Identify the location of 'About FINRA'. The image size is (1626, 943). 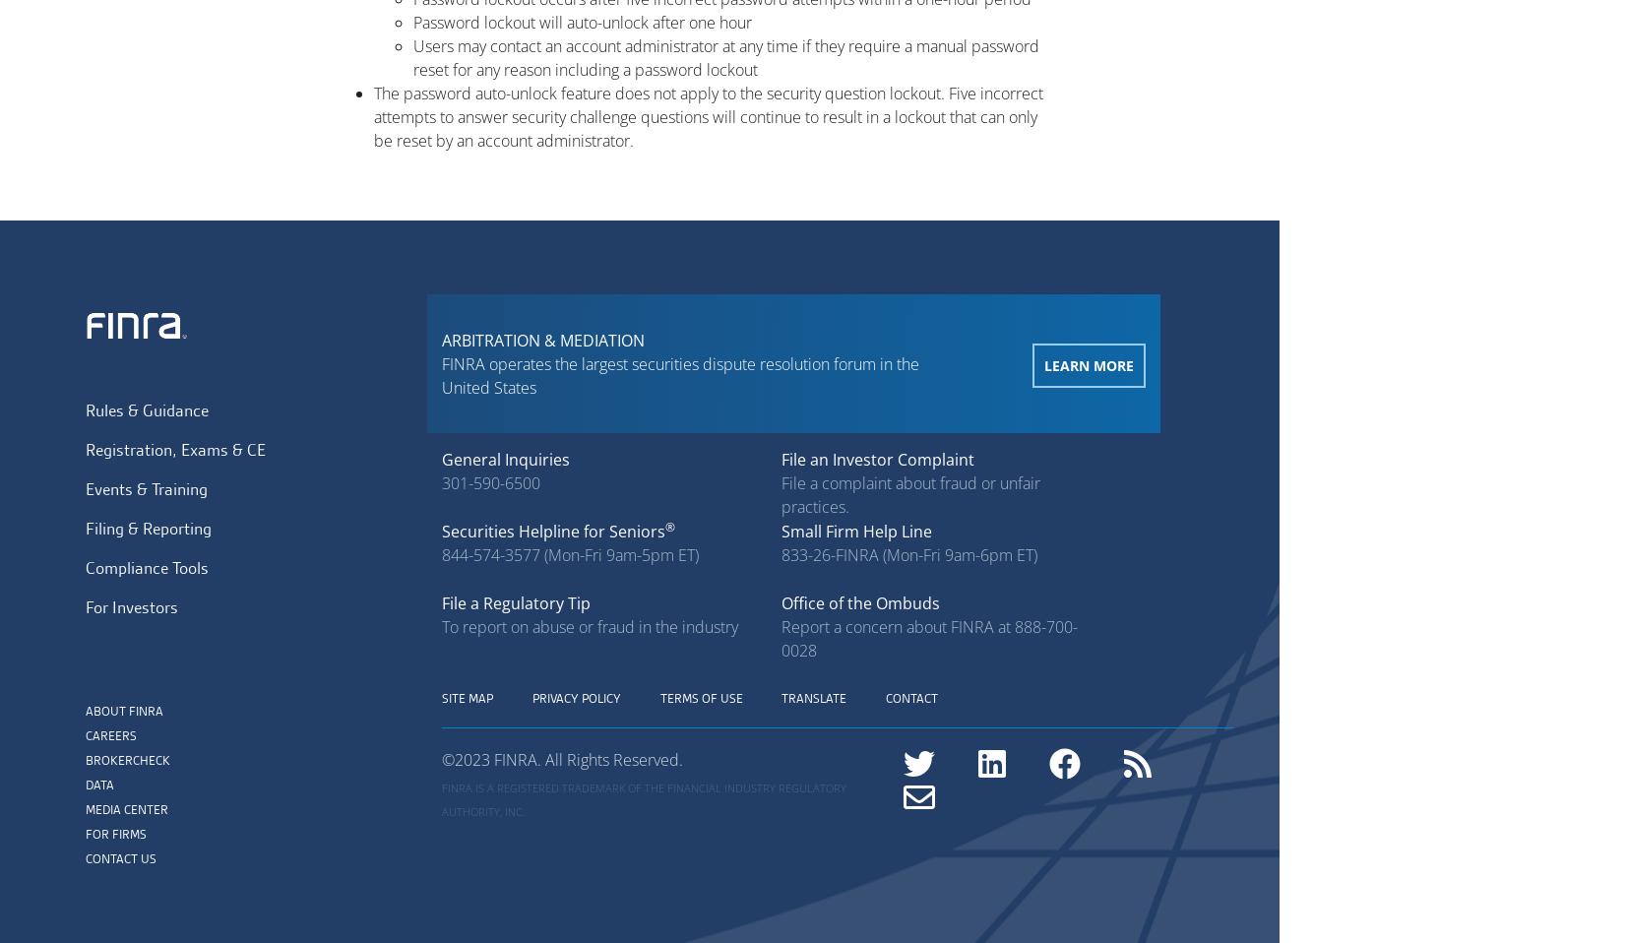
(124, 710).